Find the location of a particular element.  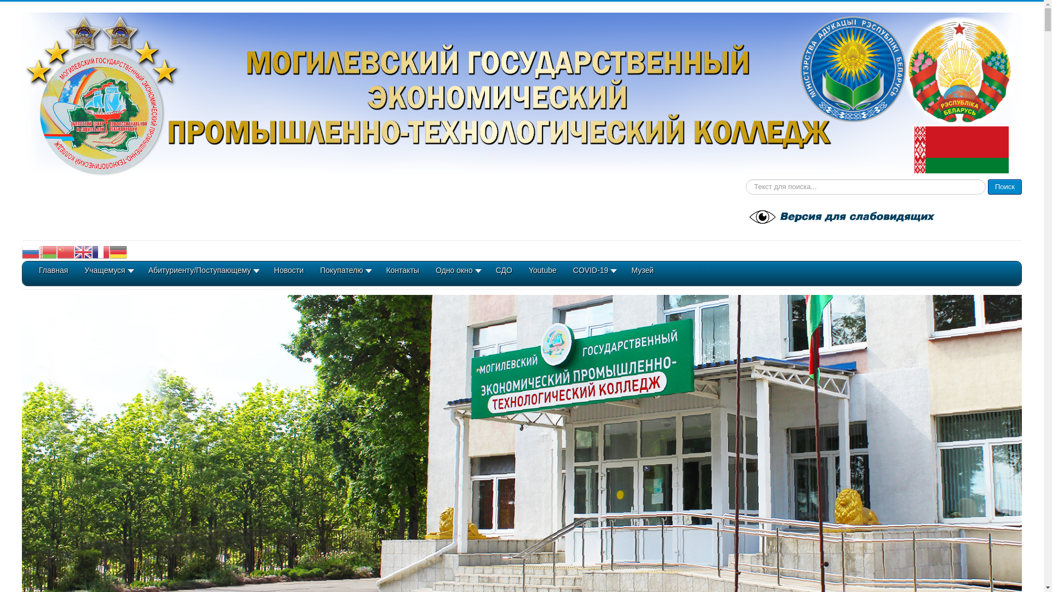

'French' is located at coordinates (100, 252).